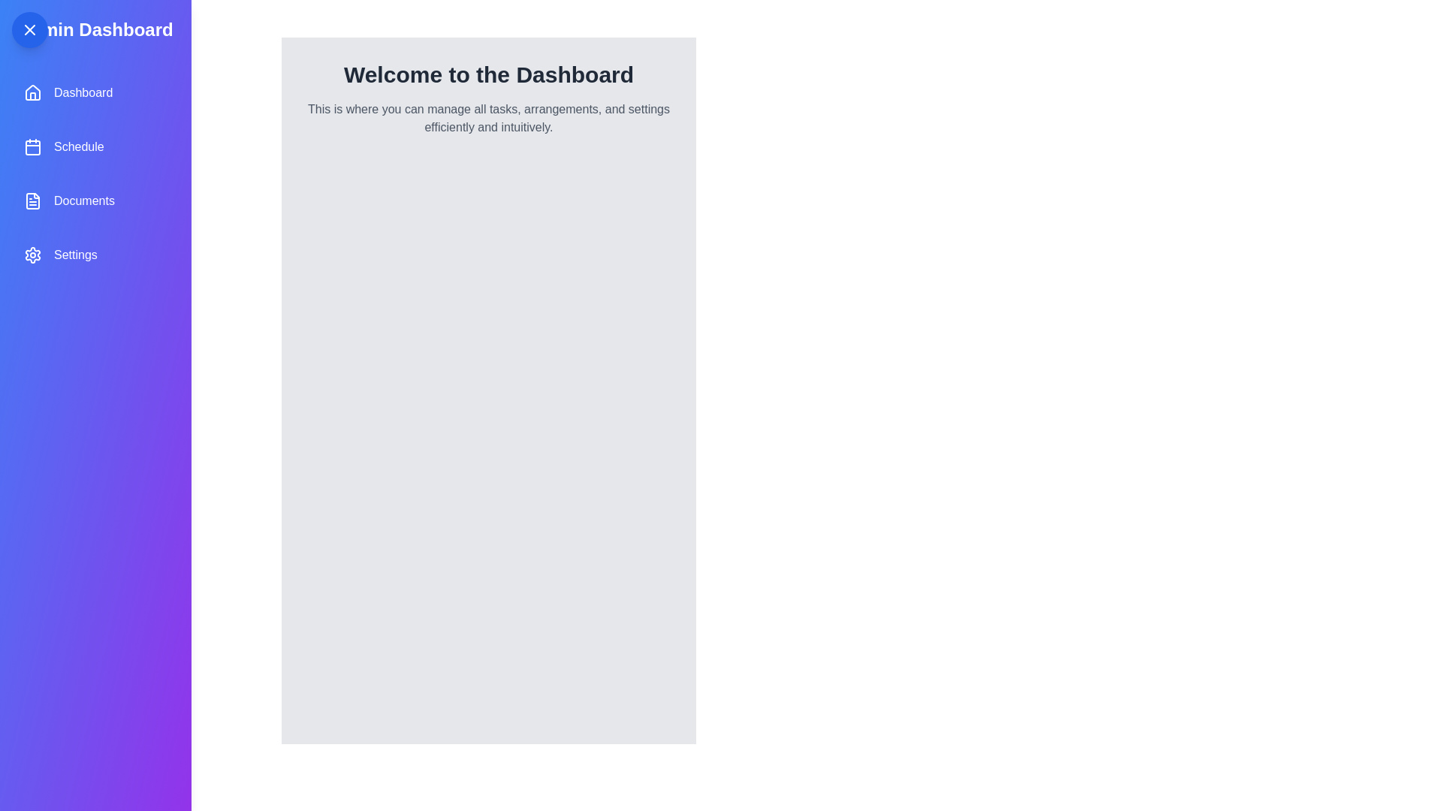 The height and width of the screenshot is (811, 1442). I want to click on the drawer button to toggle the sidebar visibility, so click(29, 29).